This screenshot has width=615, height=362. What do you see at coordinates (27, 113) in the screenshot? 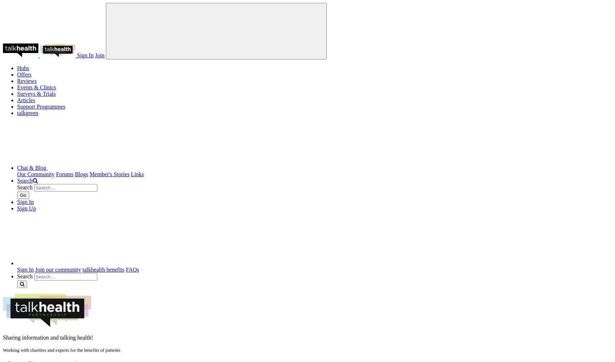
I see `'talkgreen'` at bounding box center [27, 113].